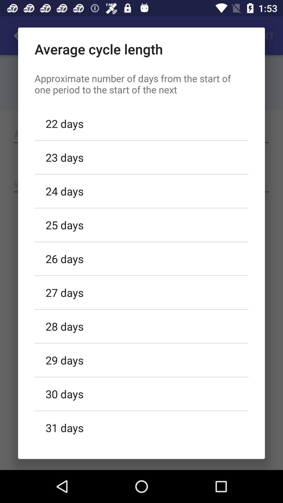  Describe the element at coordinates (141, 225) in the screenshot. I see `icon above the 26 days icon` at that location.